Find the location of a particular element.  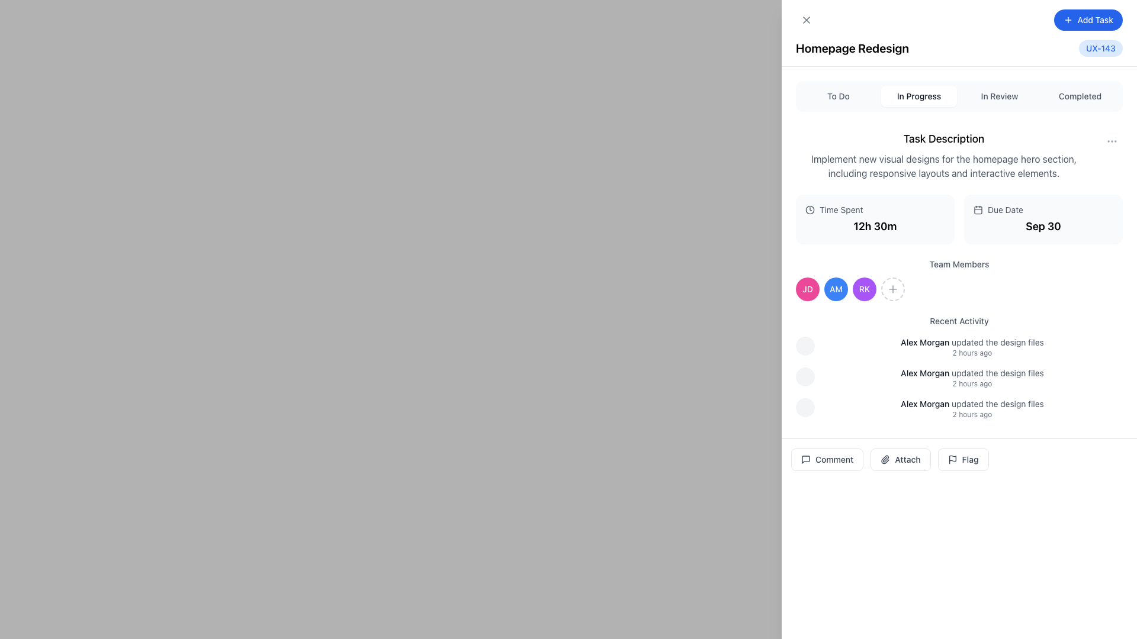

the text label that indicates the timestamp of the activity below 'Alex Morgan updated the design files' in the 'Recent Activity' section is located at coordinates (972, 353).